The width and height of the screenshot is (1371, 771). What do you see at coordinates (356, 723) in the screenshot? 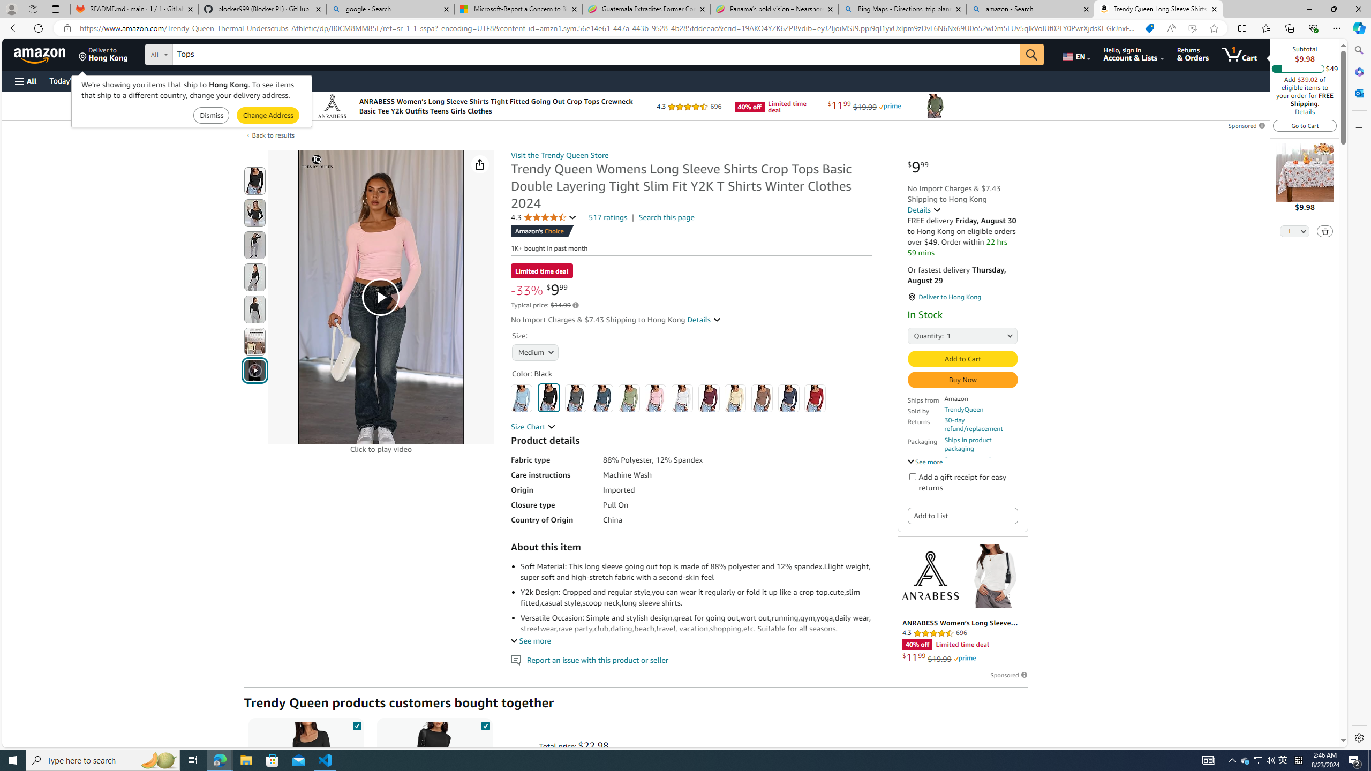
I see `'AutomationID: thematicBundleCheck-1'` at bounding box center [356, 723].